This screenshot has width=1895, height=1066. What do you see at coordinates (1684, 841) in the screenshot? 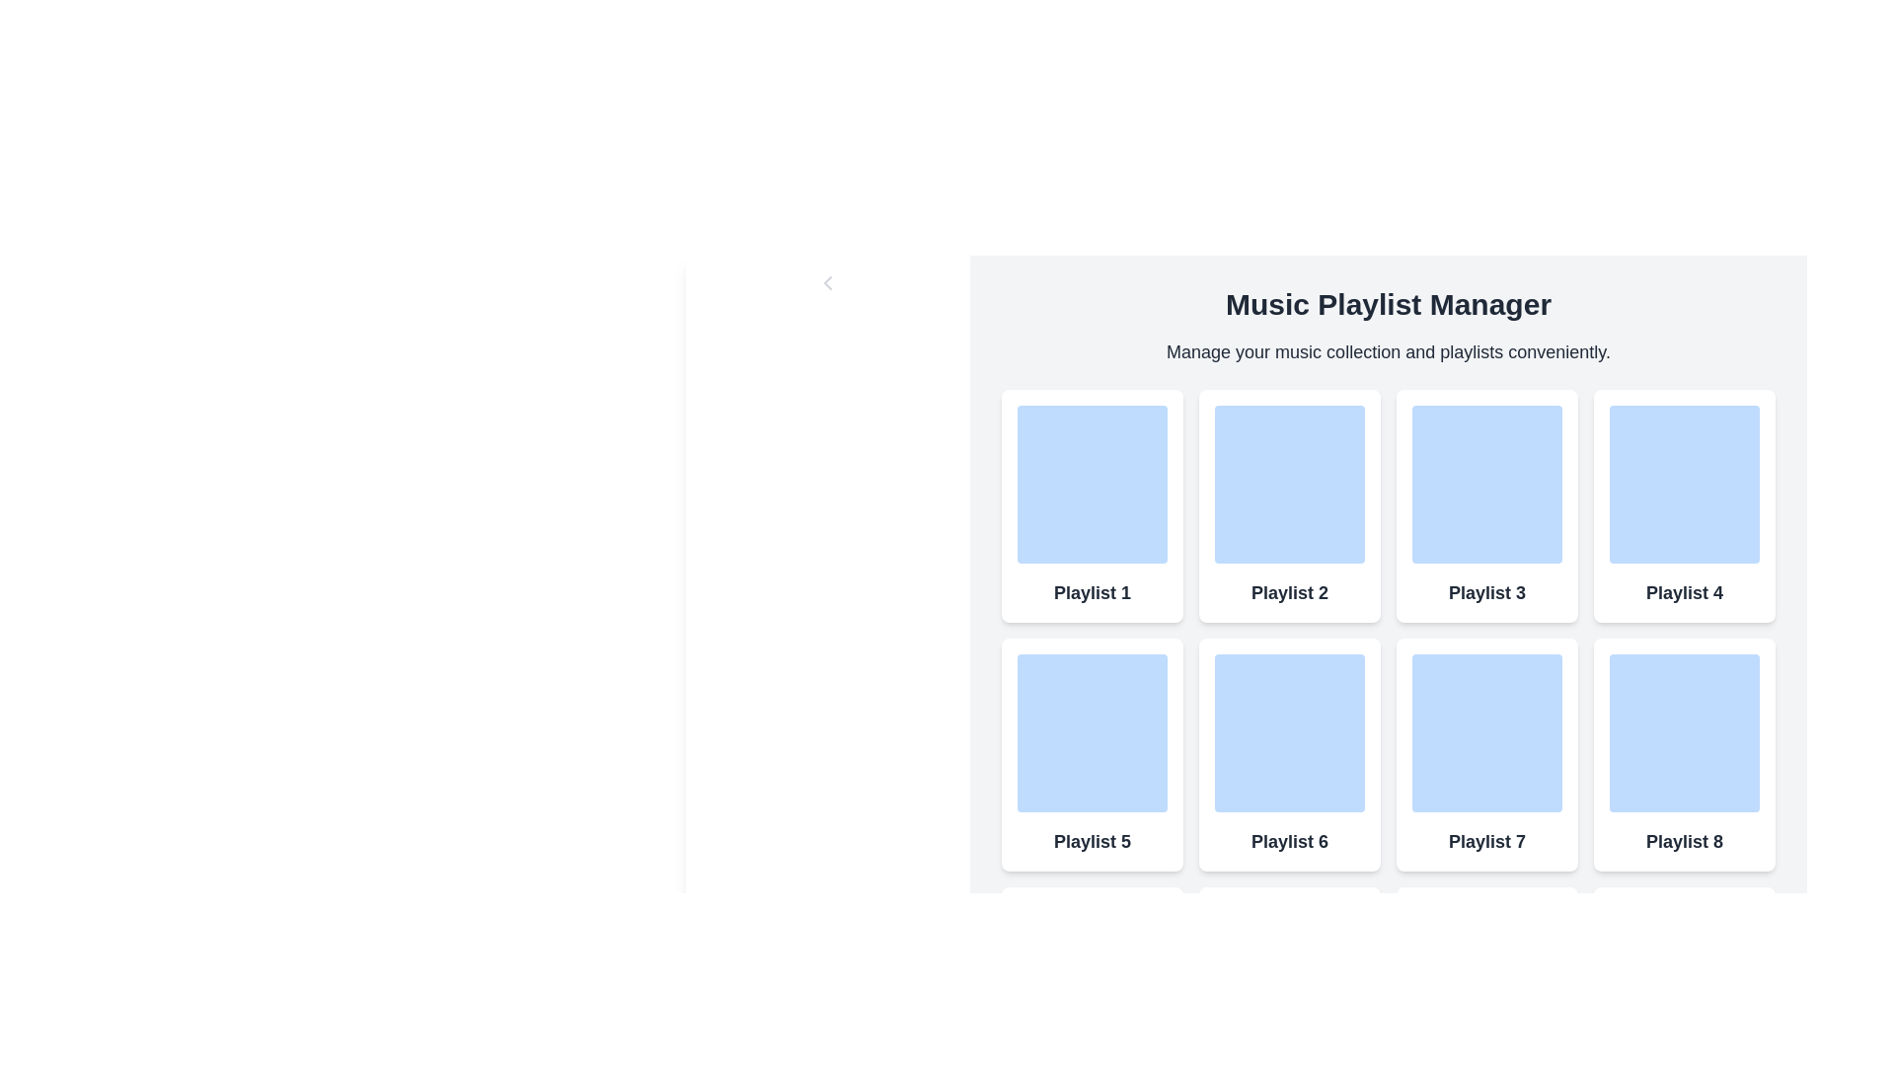
I see `text label displaying 'Playlist 8' located at the bottom of the playlist card in the bottom-right corner of the grid layout` at bounding box center [1684, 841].